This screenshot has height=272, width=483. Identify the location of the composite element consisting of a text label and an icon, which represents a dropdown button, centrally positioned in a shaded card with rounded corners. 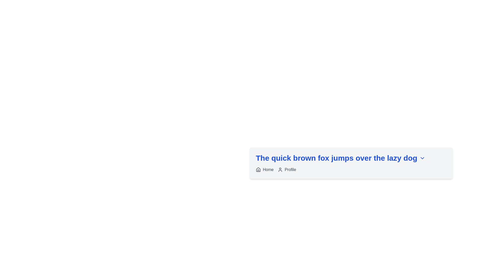
(351, 158).